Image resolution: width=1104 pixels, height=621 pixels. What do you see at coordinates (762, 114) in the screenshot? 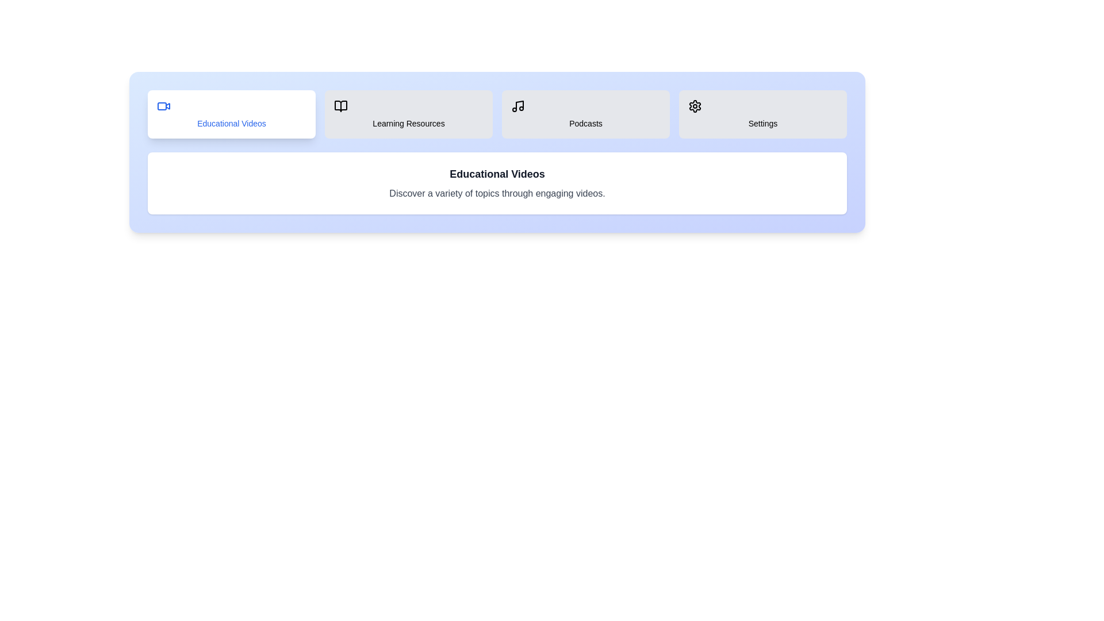
I see `the Settings tab to switch views` at bounding box center [762, 114].